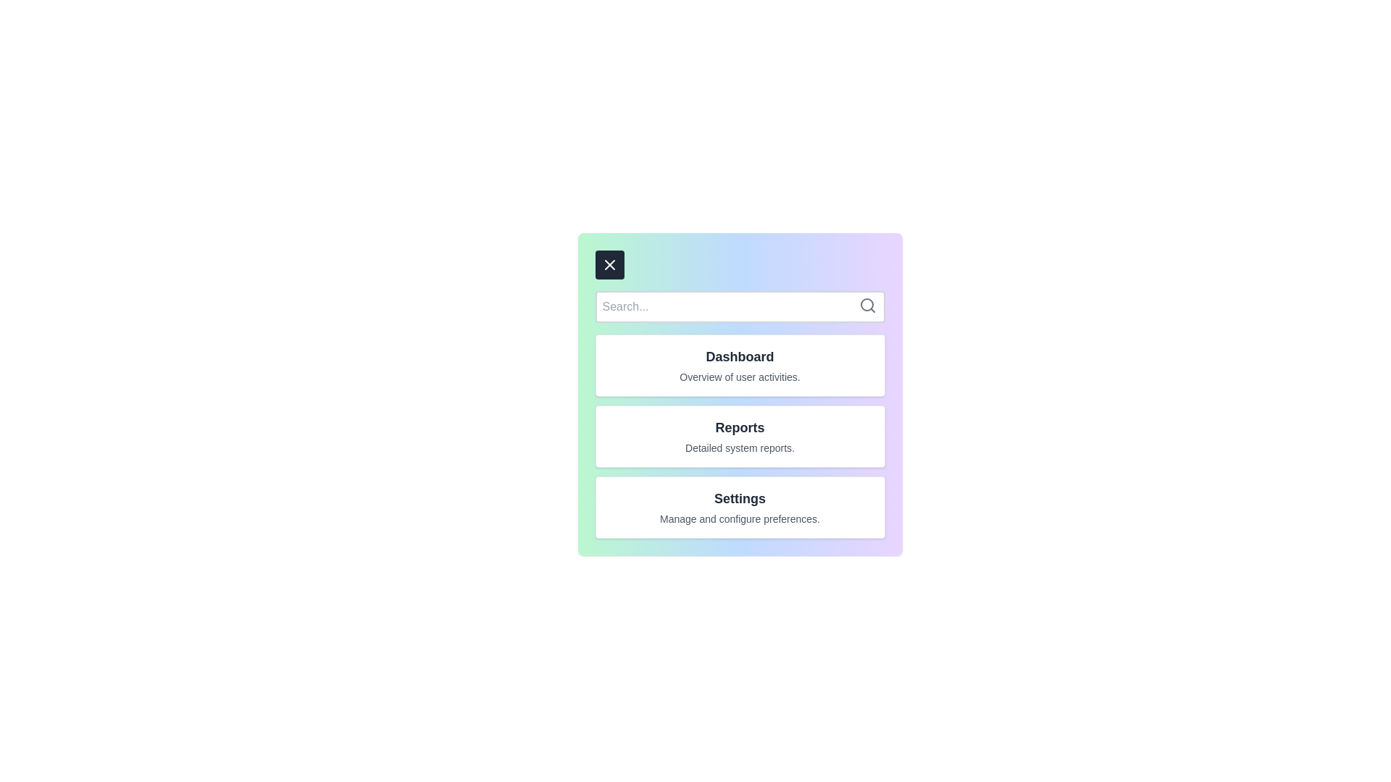 The width and height of the screenshot is (1391, 782). What do you see at coordinates (609, 265) in the screenshot?
I see `the toggle button to change the menu state` at bounding box center [609, 265].